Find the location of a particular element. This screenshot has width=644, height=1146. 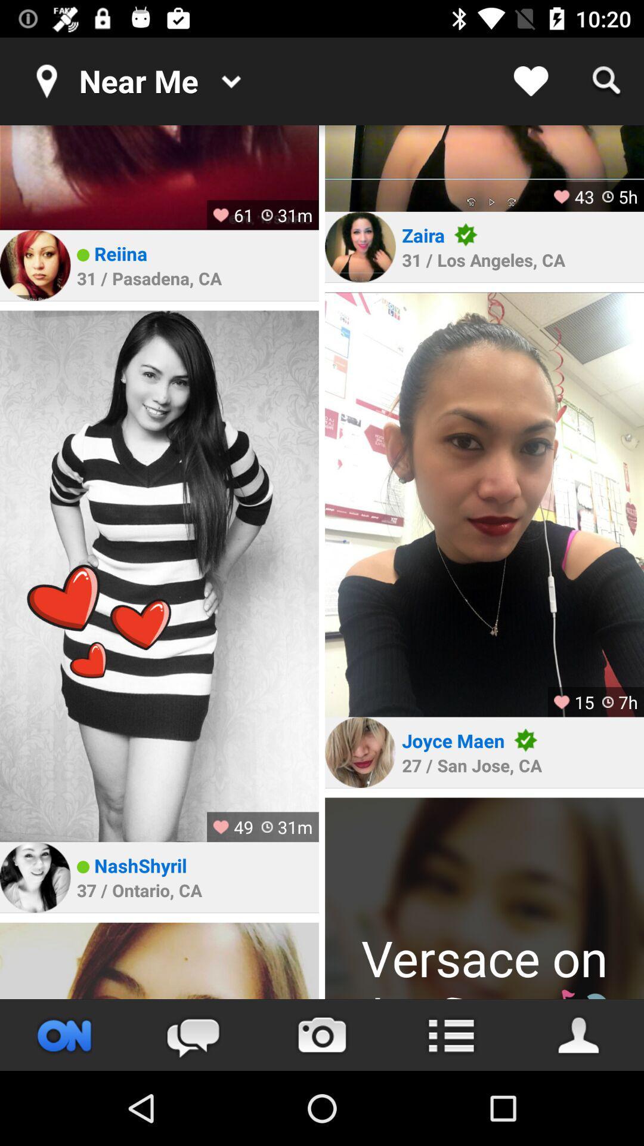

profile picture to go to person 's profile is located at coordinates (360, 751).